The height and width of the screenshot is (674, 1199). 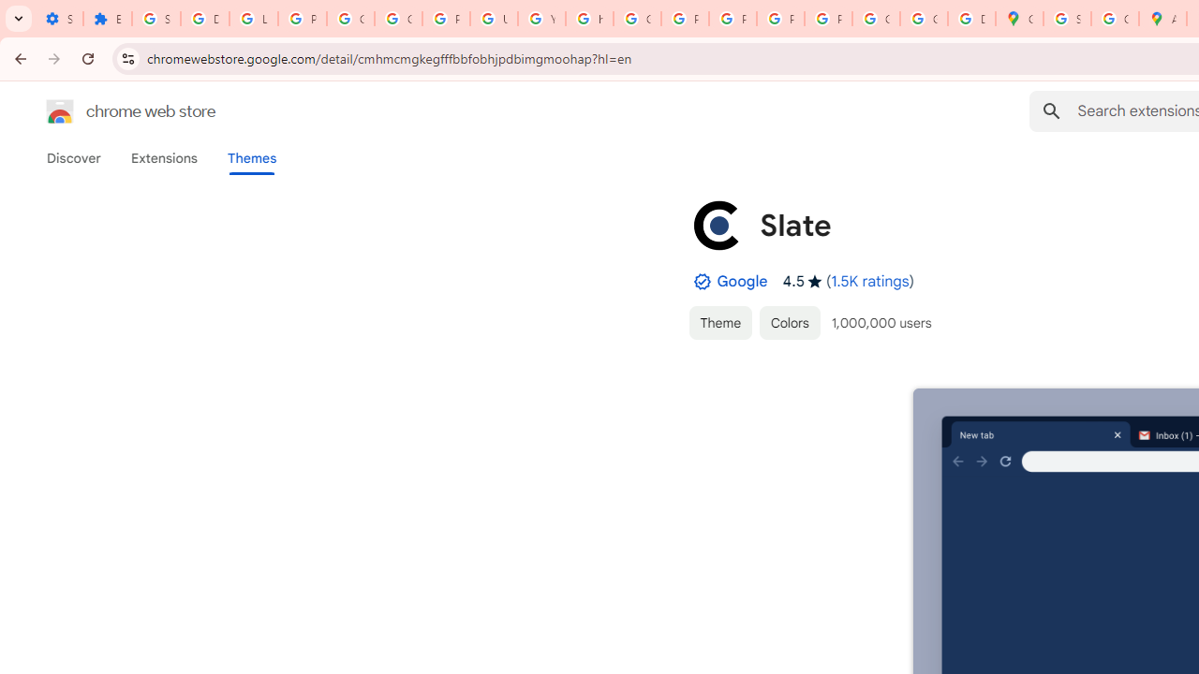 What do you see at coordinates (1018, 19) in the screenshot?
I see `'Google Maps'` at bounding box center [1018, 19].